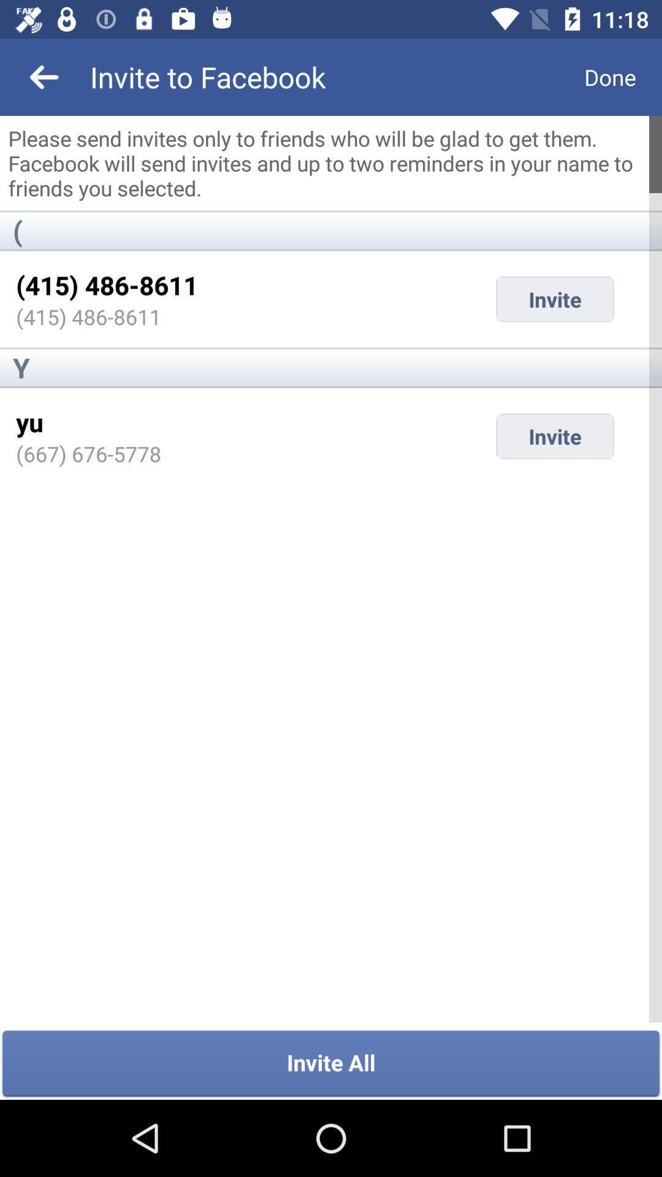 This screenshot has height=1177, width=662. Describe the element at coordinates (44, 76) in the screenshot. I see `the icon to the left of invite to facebook` at that location.